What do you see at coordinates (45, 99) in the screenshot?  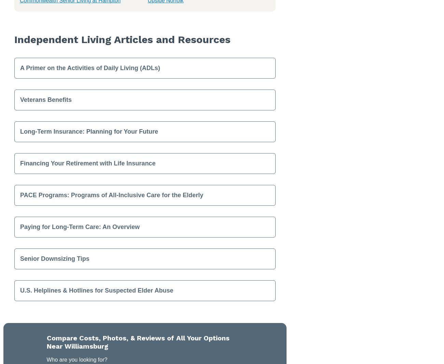 I see `'Veterans Benefits'` at bounding box center [45, 99].